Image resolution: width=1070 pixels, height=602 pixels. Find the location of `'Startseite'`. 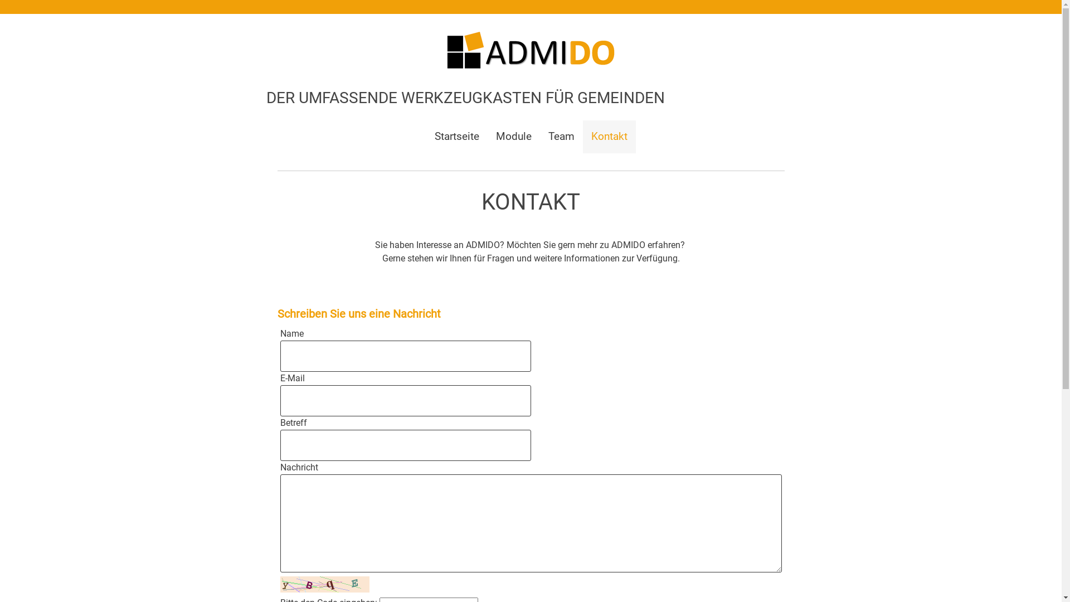

'Startseite' is located at coordinates (456, 136).